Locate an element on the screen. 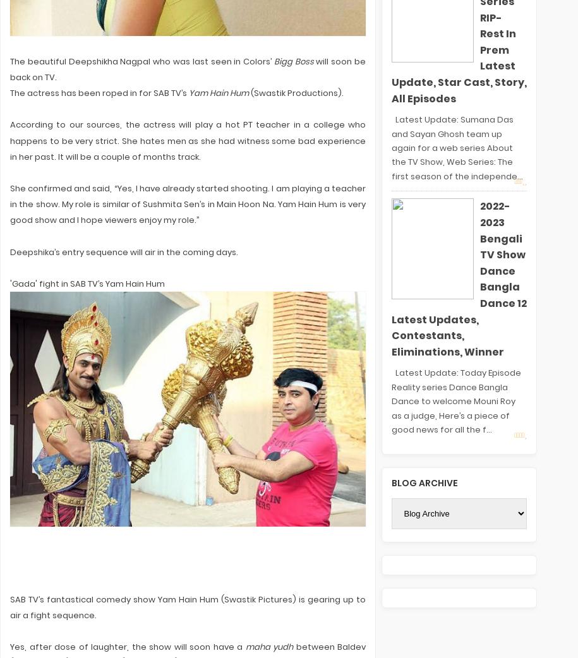 The image size is (578, 658). 'SAB TV’s fantastical comedy show Yam Hain Hum (Swastik Pictures) is gearing up to air a fight sequence.' is located at coordinates (10, 607).